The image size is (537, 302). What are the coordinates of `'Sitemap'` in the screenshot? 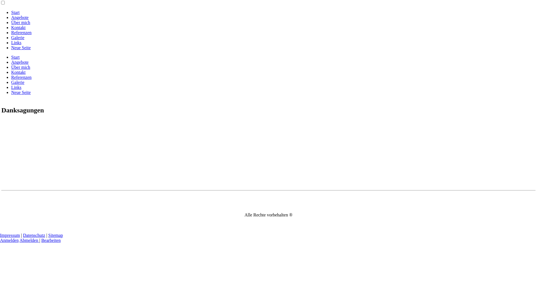 It's located at (55, 235).